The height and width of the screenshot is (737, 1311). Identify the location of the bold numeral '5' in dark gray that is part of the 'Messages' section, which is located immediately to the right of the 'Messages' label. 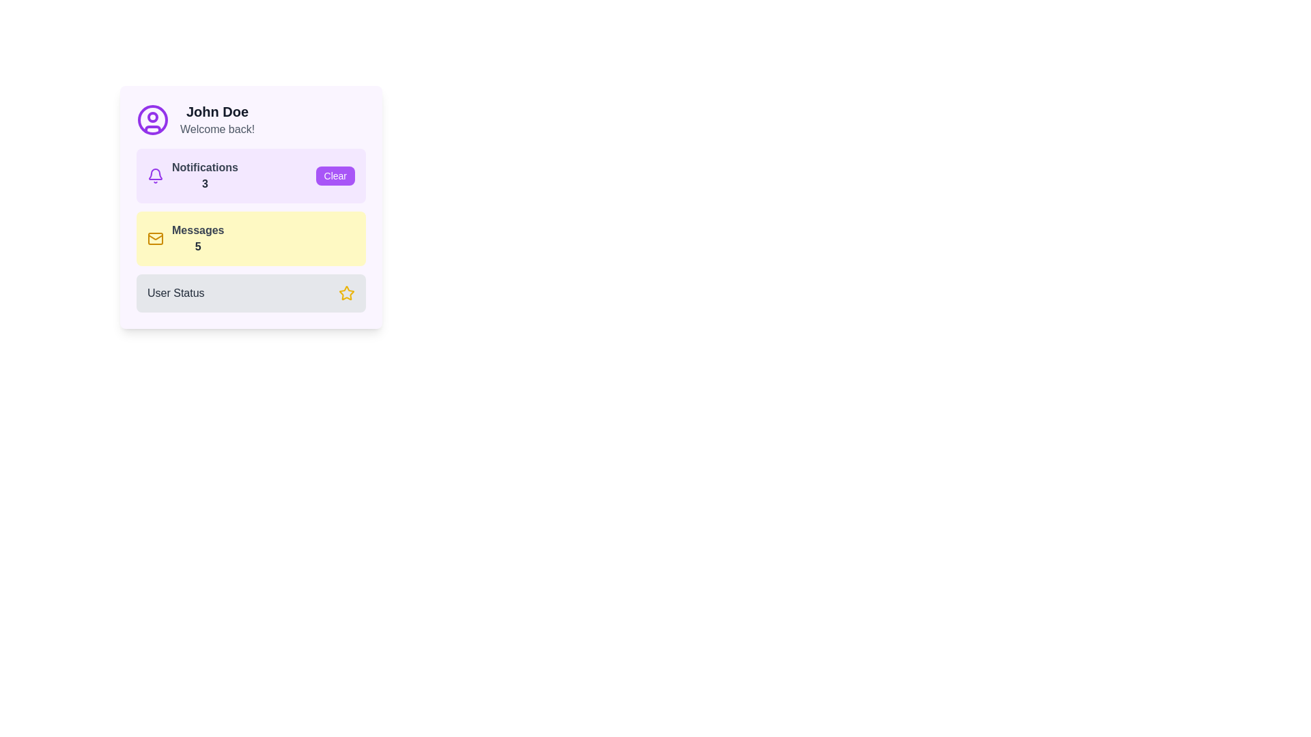
(197, 246).